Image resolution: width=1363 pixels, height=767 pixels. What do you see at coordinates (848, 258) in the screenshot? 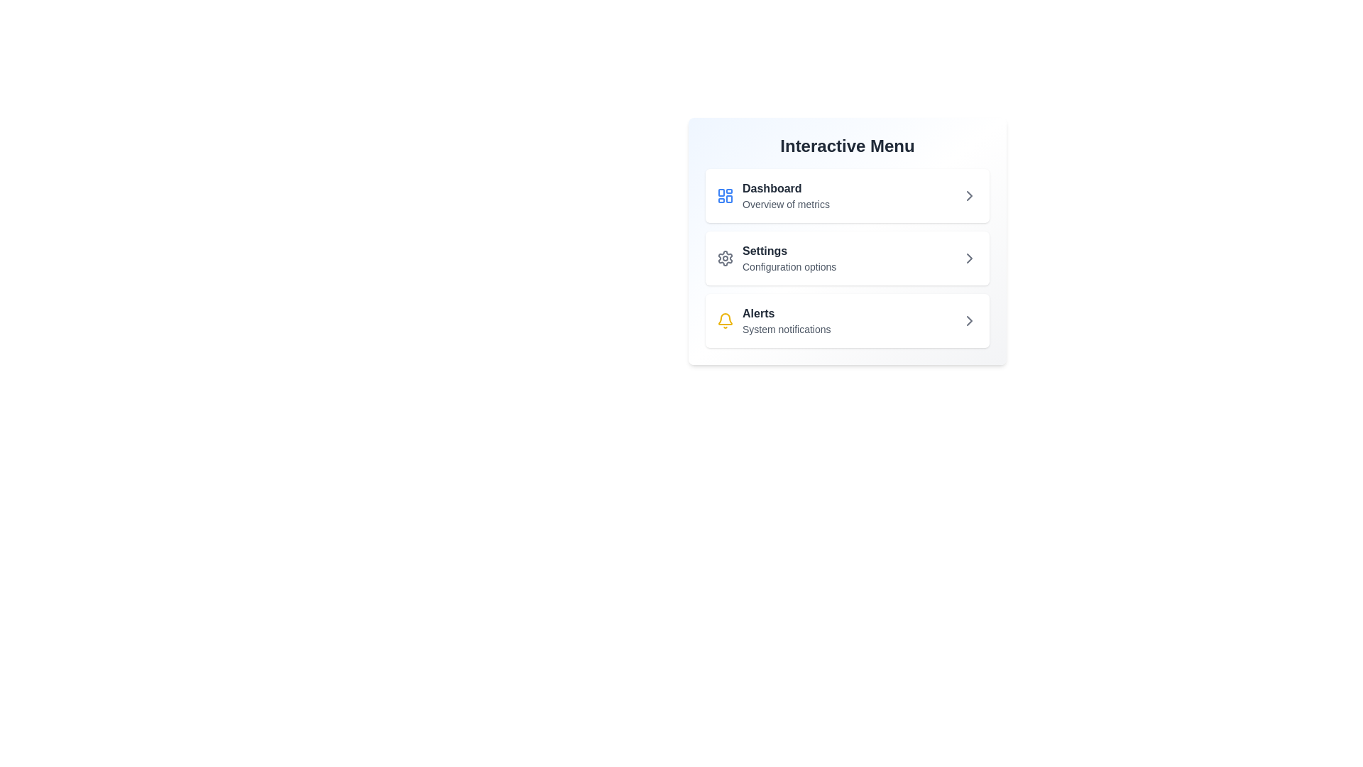
I see `the 'Settings' menu item in the navigation menu` at bounding box center [848, 258].